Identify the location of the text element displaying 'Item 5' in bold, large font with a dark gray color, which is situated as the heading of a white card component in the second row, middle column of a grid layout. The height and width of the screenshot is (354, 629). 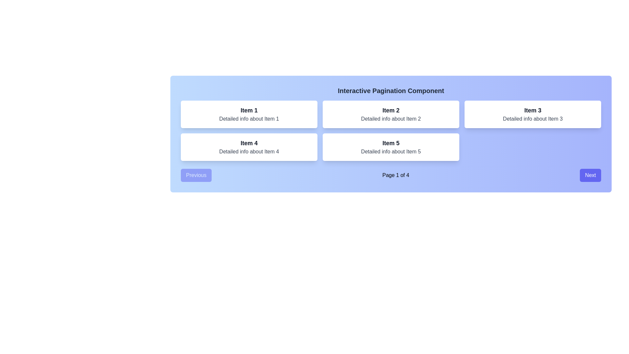
(391, 143).